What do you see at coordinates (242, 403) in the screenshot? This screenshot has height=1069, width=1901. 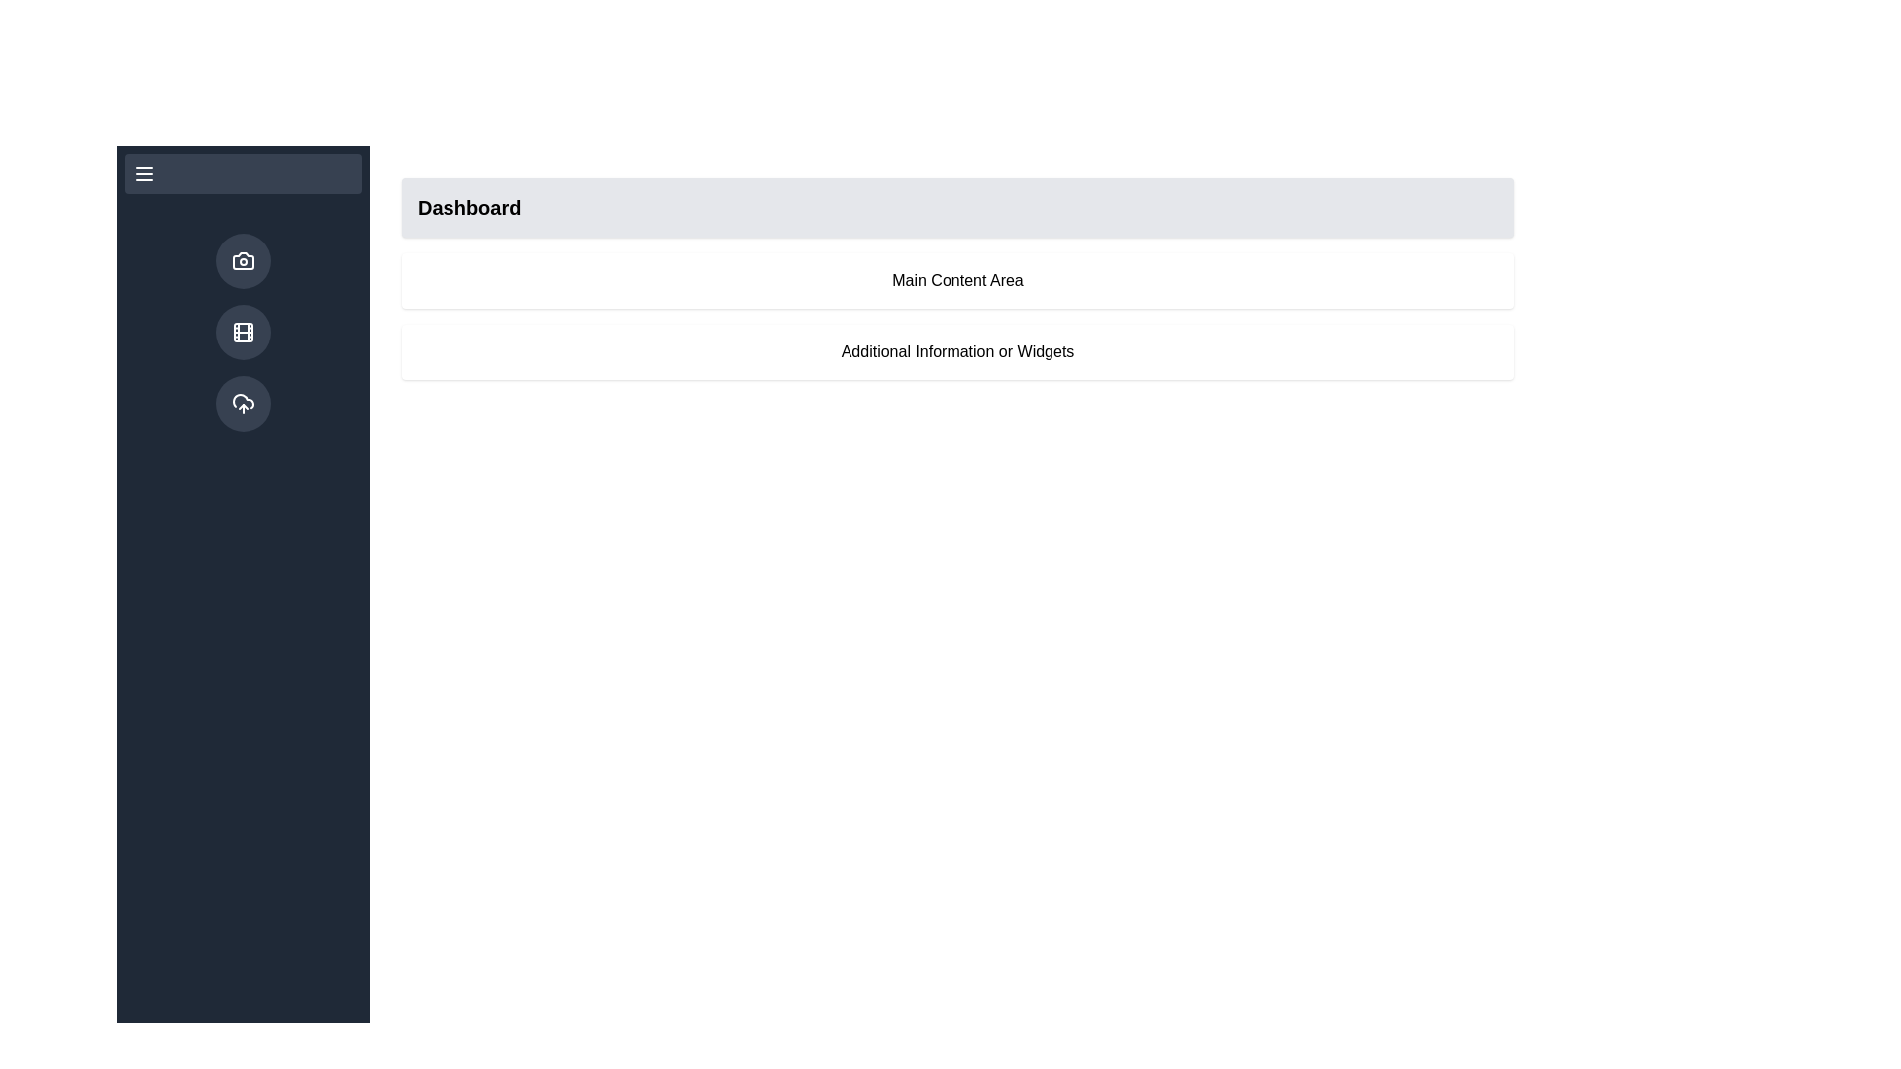 I see `the circular button with a dark gray background and a cloud with an upward arrow icon, located third in the vertical sidebar on the left` at bounding box center [242, 403].